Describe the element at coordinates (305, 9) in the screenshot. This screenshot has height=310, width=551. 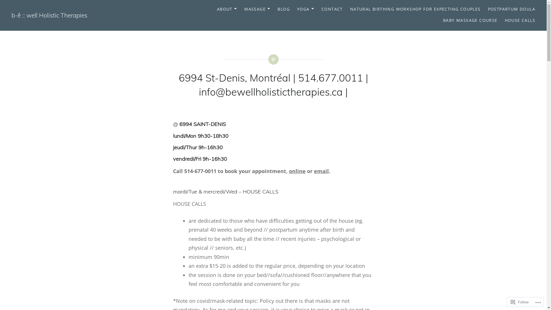
I see `'YOGA'` at that location.